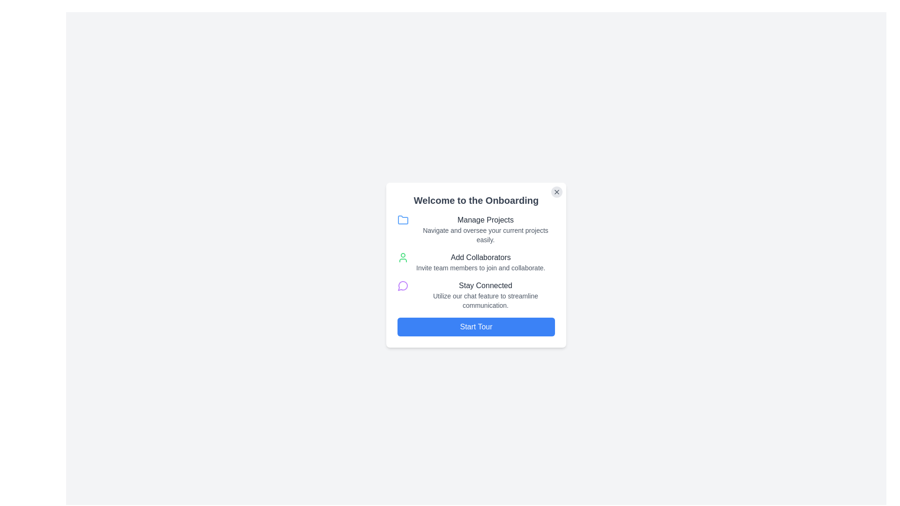 Image resolution: width=900 pixels, height=506 pixels. Describe the element at coordinates (557, 191) in the screenshot. I see `the circular dismiss Icon button located in the top-right corner of the modal with the title 'Welcome to the Onboarding'` at that location.